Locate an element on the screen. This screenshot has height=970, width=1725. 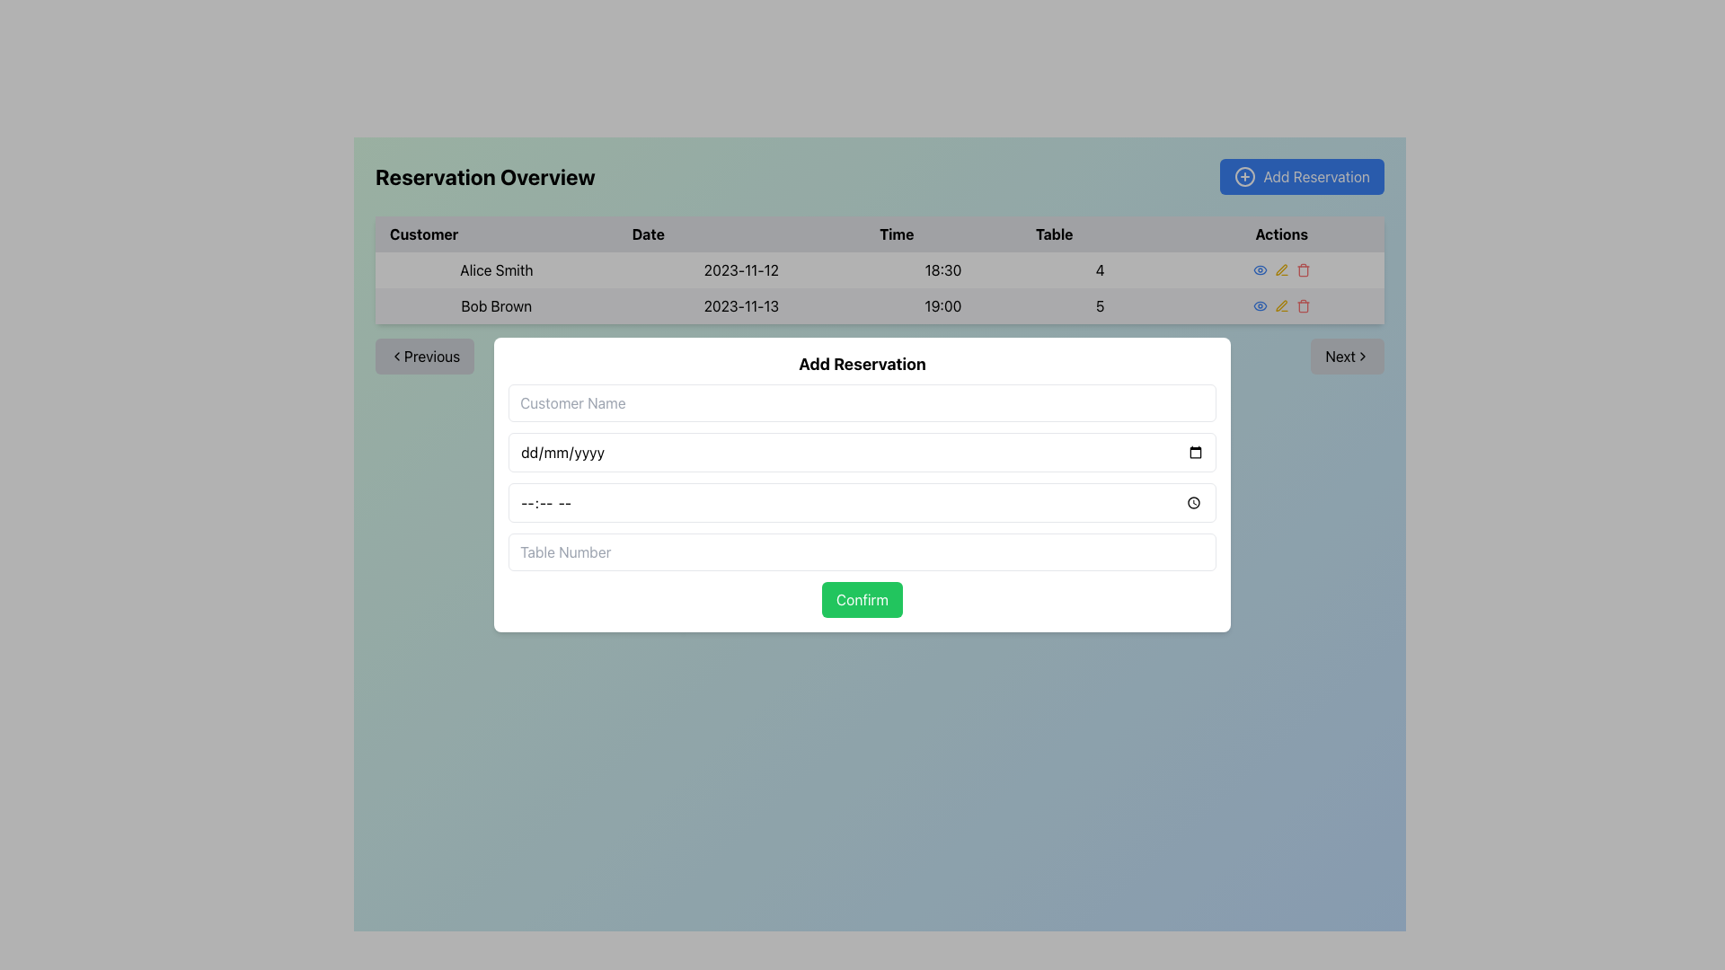
the small, blue eye-shaped icon button located in the 'Actions' column of the table is located at coordinates (1259, 269).